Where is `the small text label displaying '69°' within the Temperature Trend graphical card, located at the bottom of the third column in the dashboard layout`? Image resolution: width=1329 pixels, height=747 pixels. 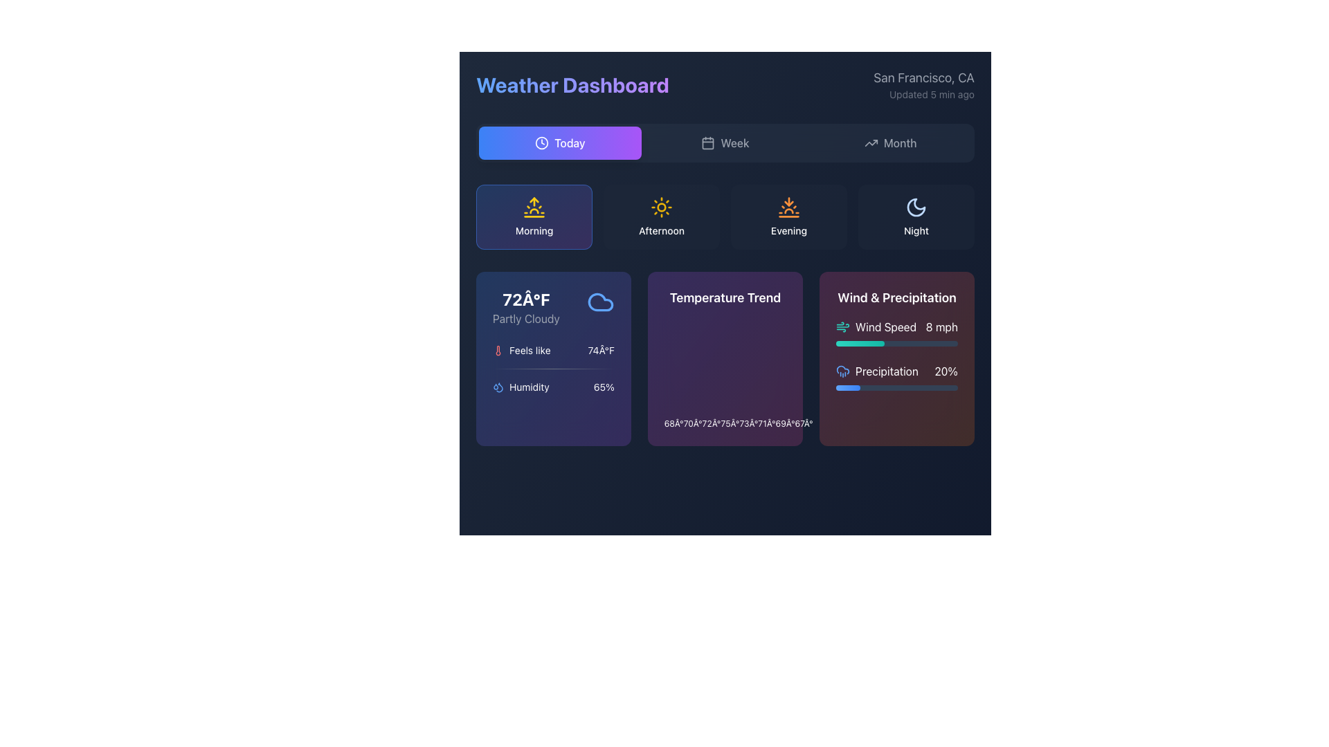 the small text label displaying '69°' within the Temperature Trend graphical card, located at the bottom of the third column in the dashboard layout is located at coordinates (785, 423).